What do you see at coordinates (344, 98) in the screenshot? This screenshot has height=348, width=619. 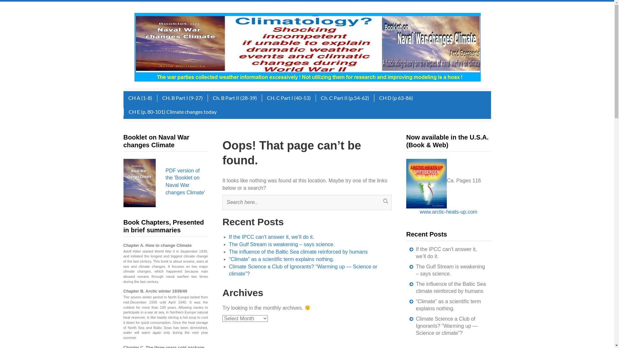 I see `'Ch. C Part II (p.54-62)'` at bounding box center [344, 98].